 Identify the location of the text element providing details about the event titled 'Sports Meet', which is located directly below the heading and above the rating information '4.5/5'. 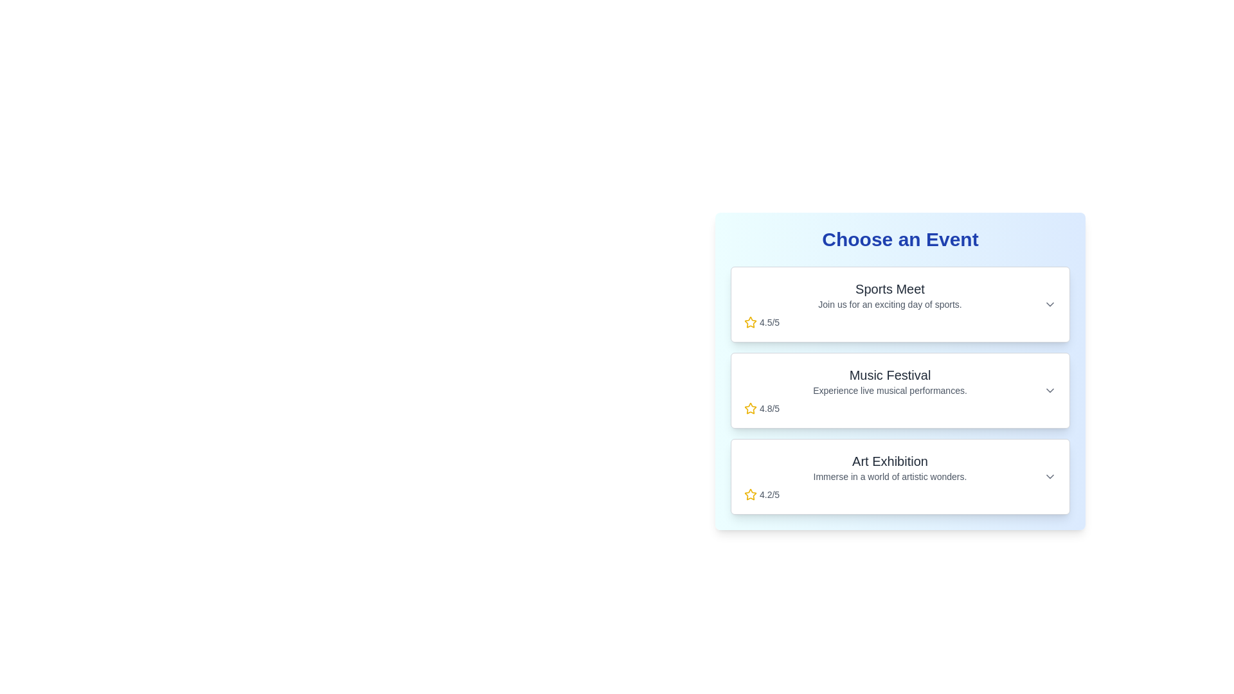
(890, 305).